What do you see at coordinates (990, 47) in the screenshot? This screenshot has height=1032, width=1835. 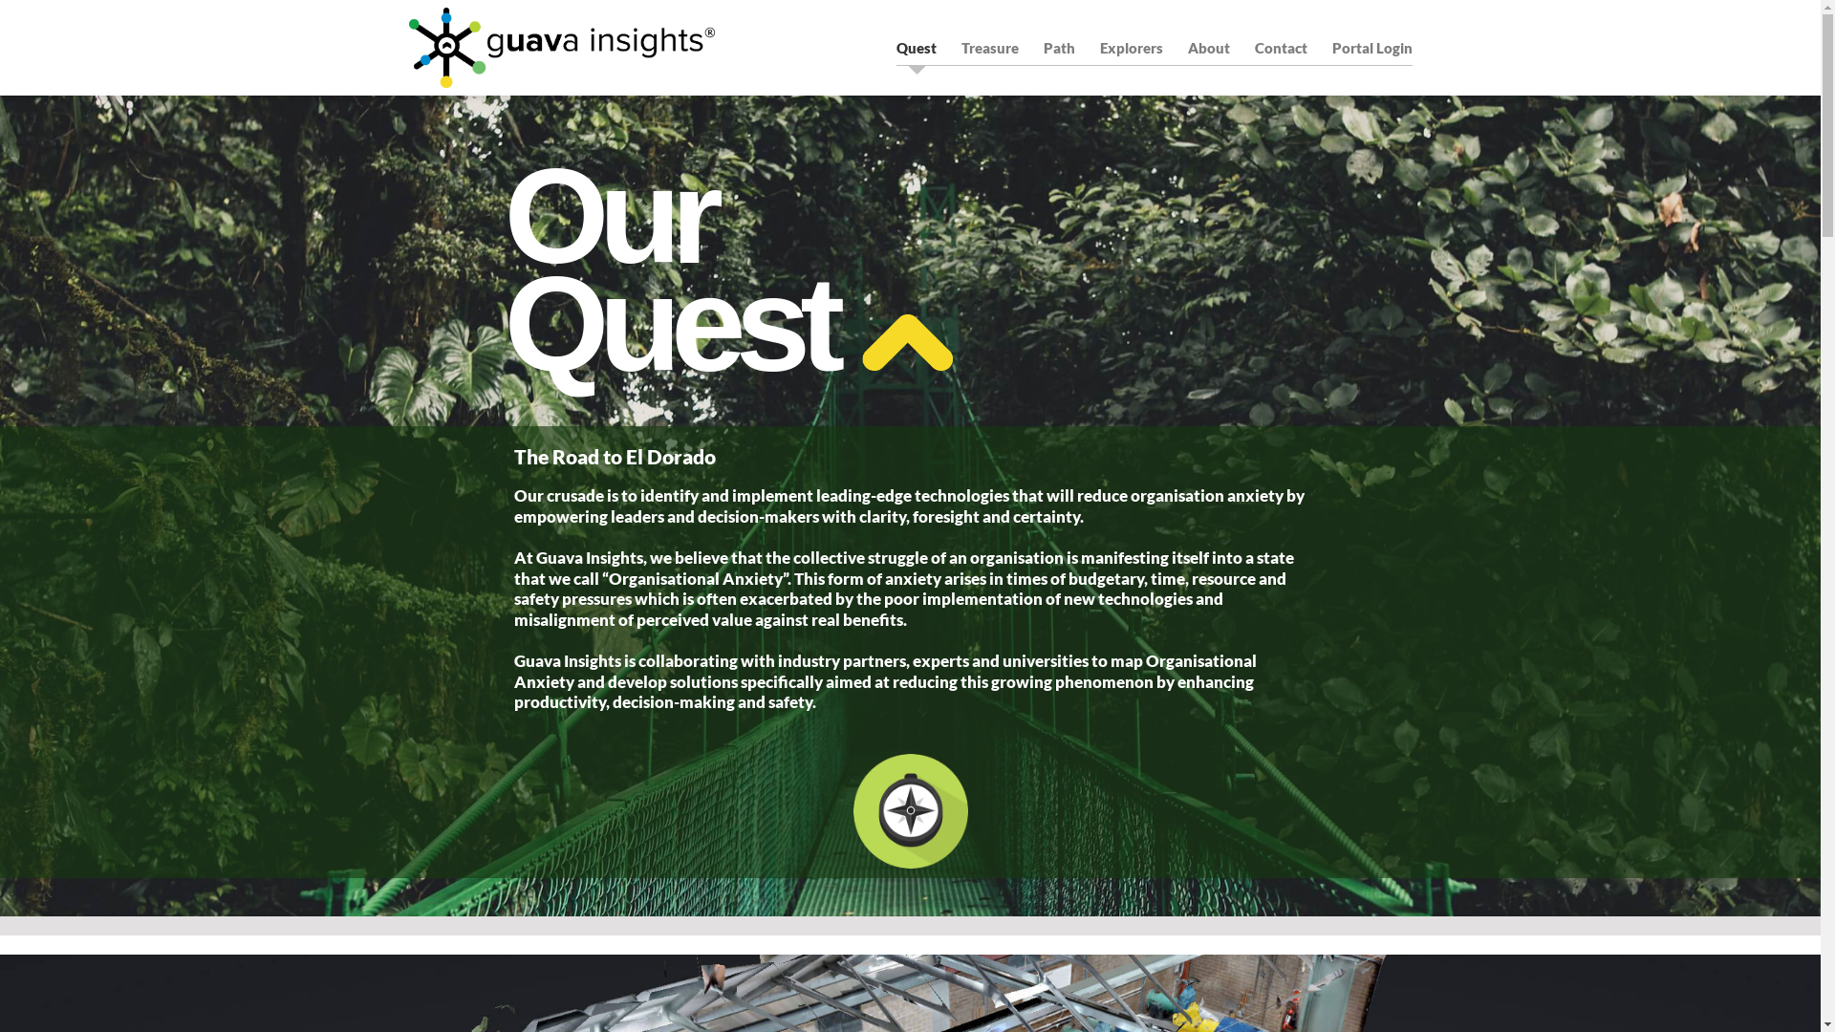 I see `'Treasure'` at bounding box center [990, 47].